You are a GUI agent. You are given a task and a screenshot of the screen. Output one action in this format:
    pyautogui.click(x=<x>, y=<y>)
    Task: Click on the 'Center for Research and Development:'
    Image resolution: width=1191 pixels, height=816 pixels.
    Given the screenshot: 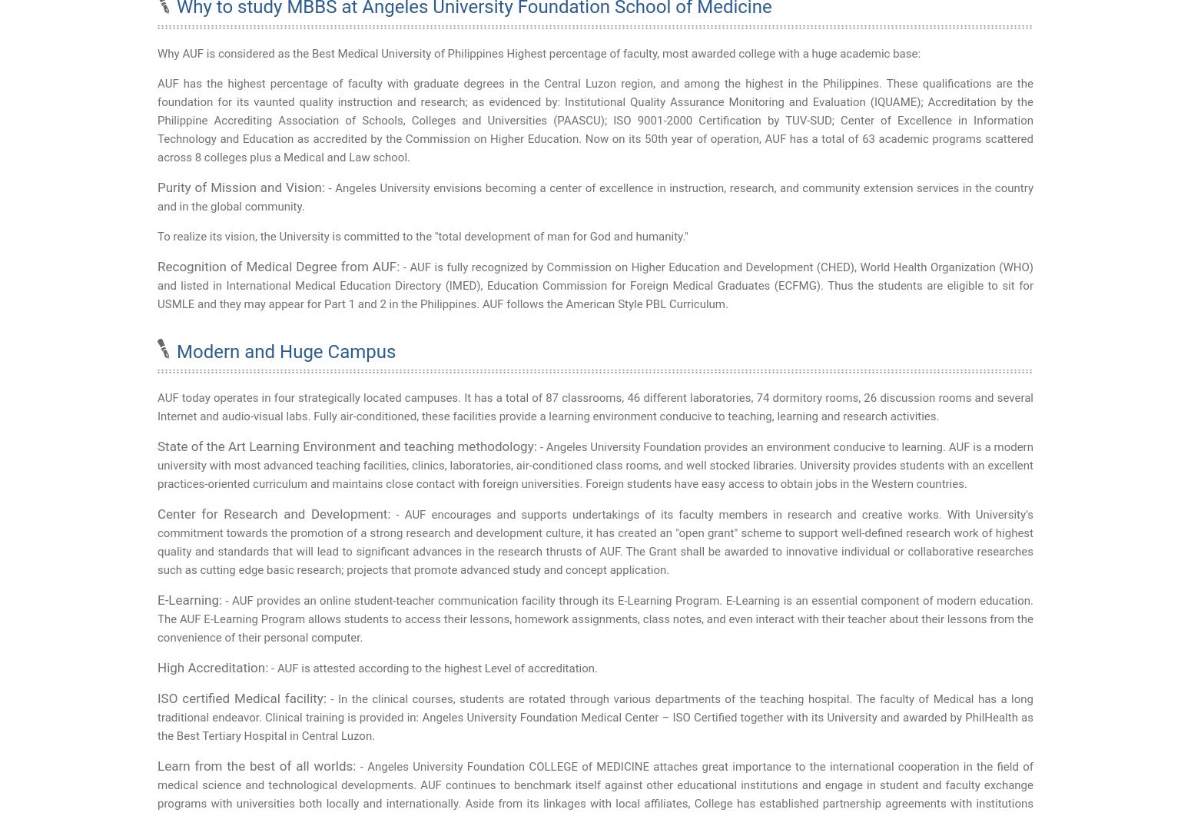 What is the action you would take?
    pyautogui.click(x=273, y=512)
    